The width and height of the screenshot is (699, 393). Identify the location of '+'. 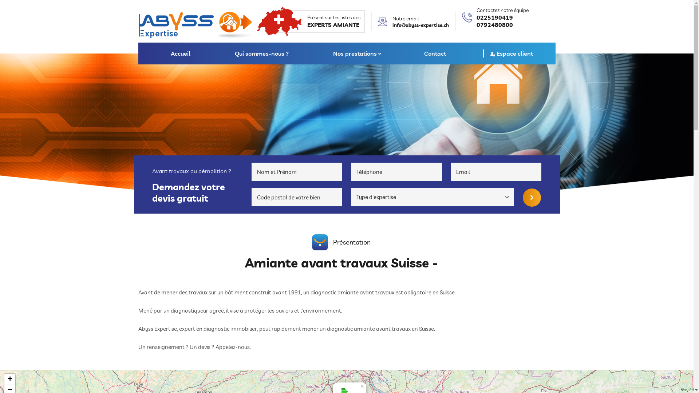
(10, 379).